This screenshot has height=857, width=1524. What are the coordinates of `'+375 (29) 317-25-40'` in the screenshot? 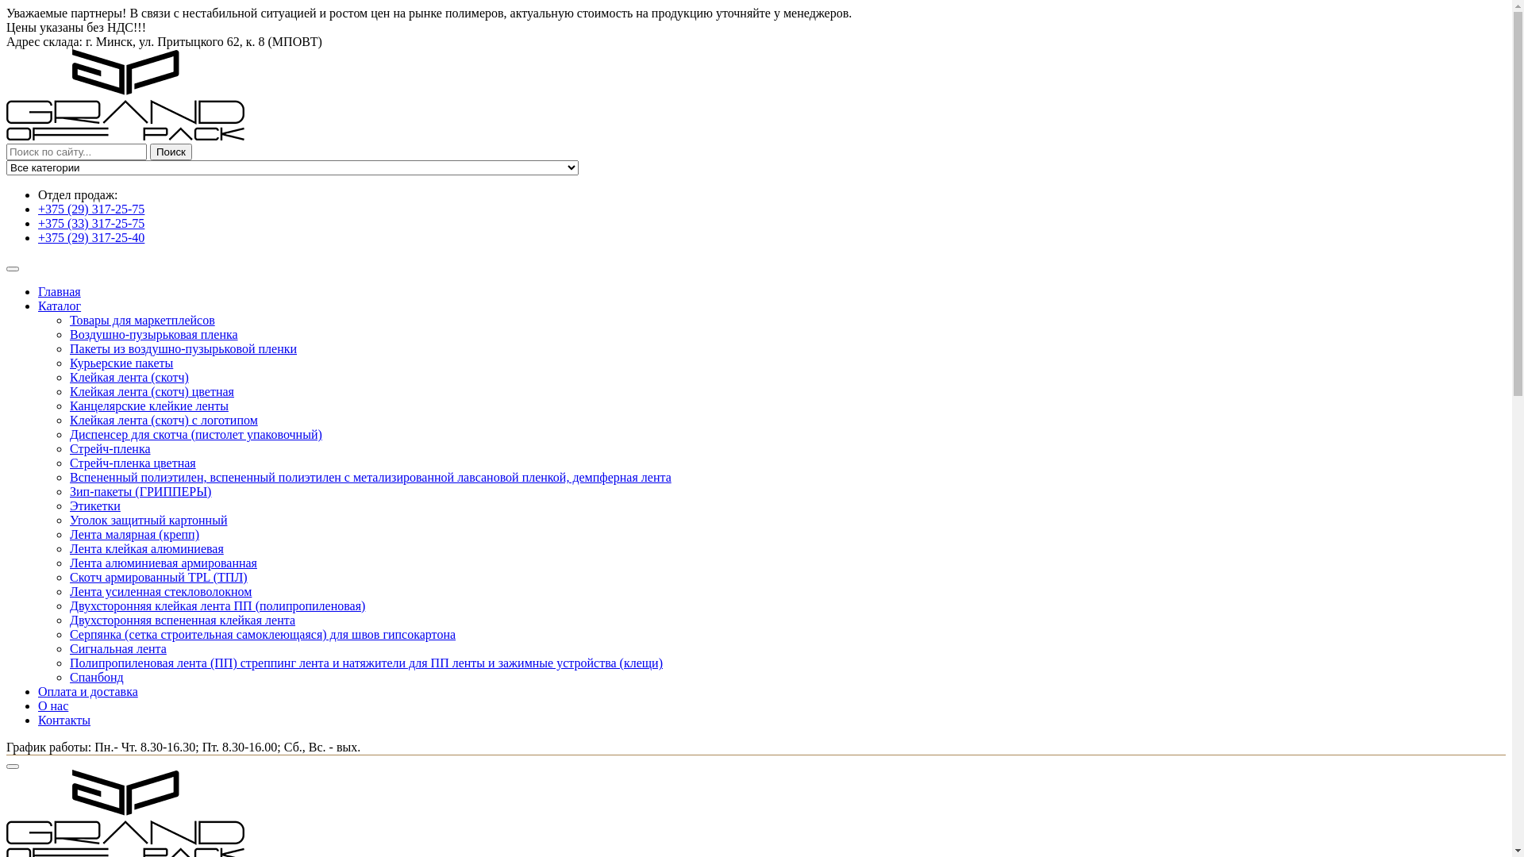 It's located at (90, 237).